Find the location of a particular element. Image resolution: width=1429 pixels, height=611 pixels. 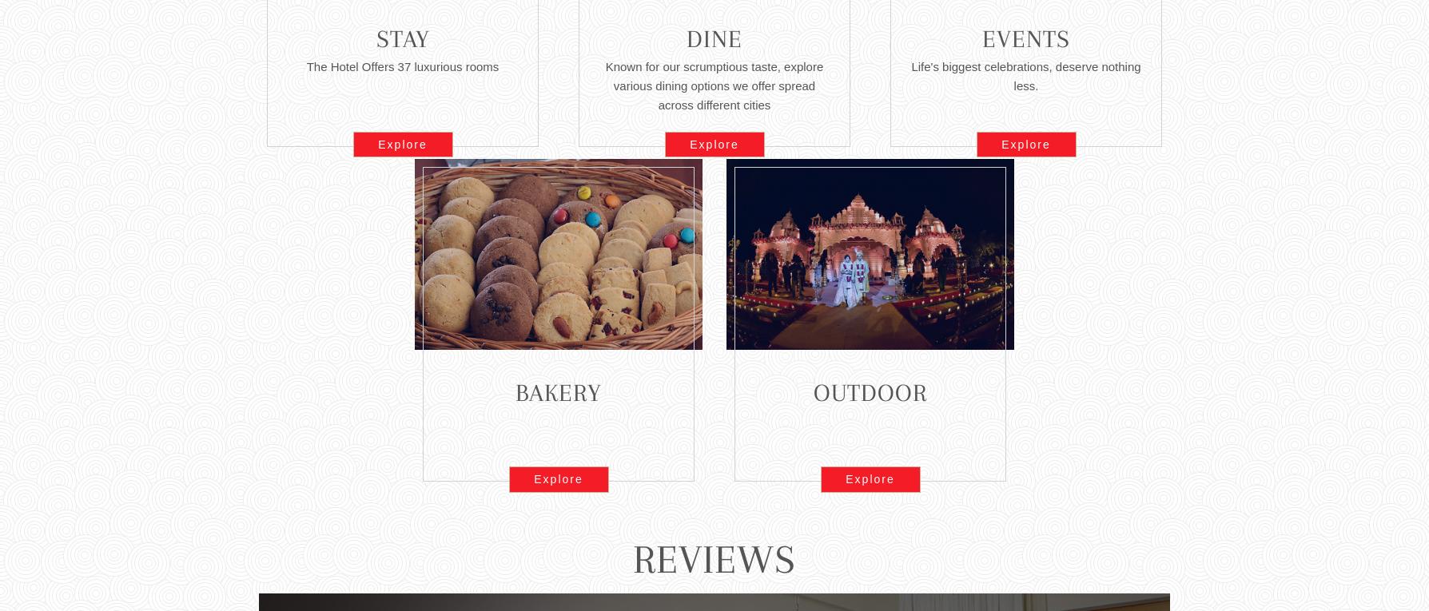

'Known for our scrumptious taste, explore various dining options we offer spread across different cities' is located at coordinates (713, 84).